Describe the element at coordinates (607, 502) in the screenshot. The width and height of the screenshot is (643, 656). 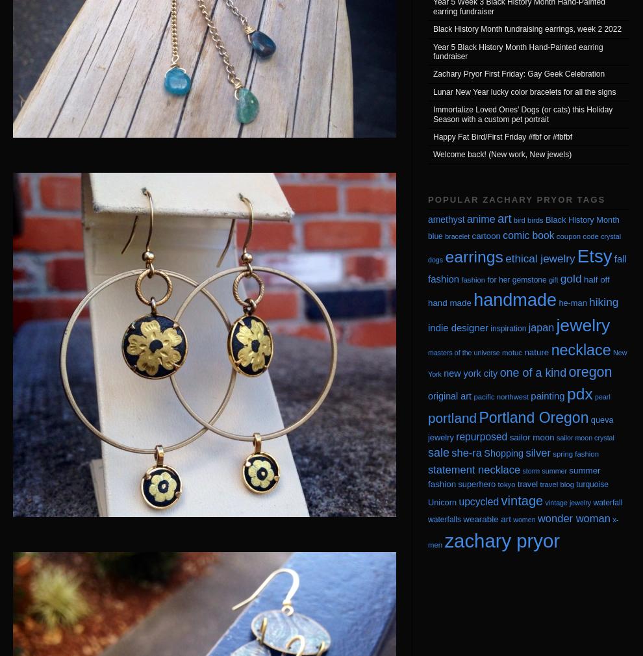
I see `'waterfall'` at that location.